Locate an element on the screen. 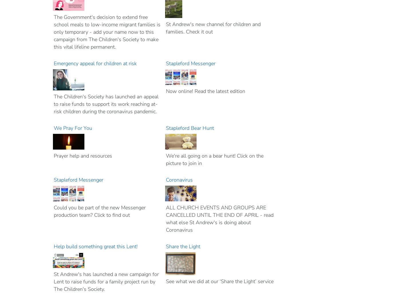 The height and width of the screenshot is (294, 412). 'Emergency appeal for children at risk' is located at coordinates (95, 63).